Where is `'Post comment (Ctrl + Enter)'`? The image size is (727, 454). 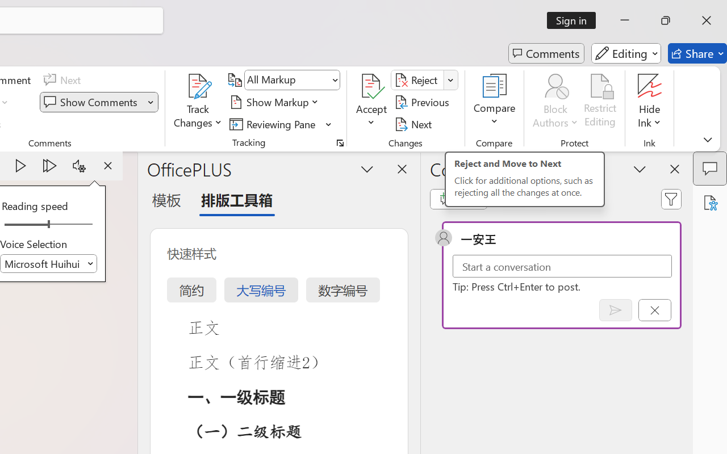
'Post comment (Ctrl + Enter)' is located at coordinates (615, 310).